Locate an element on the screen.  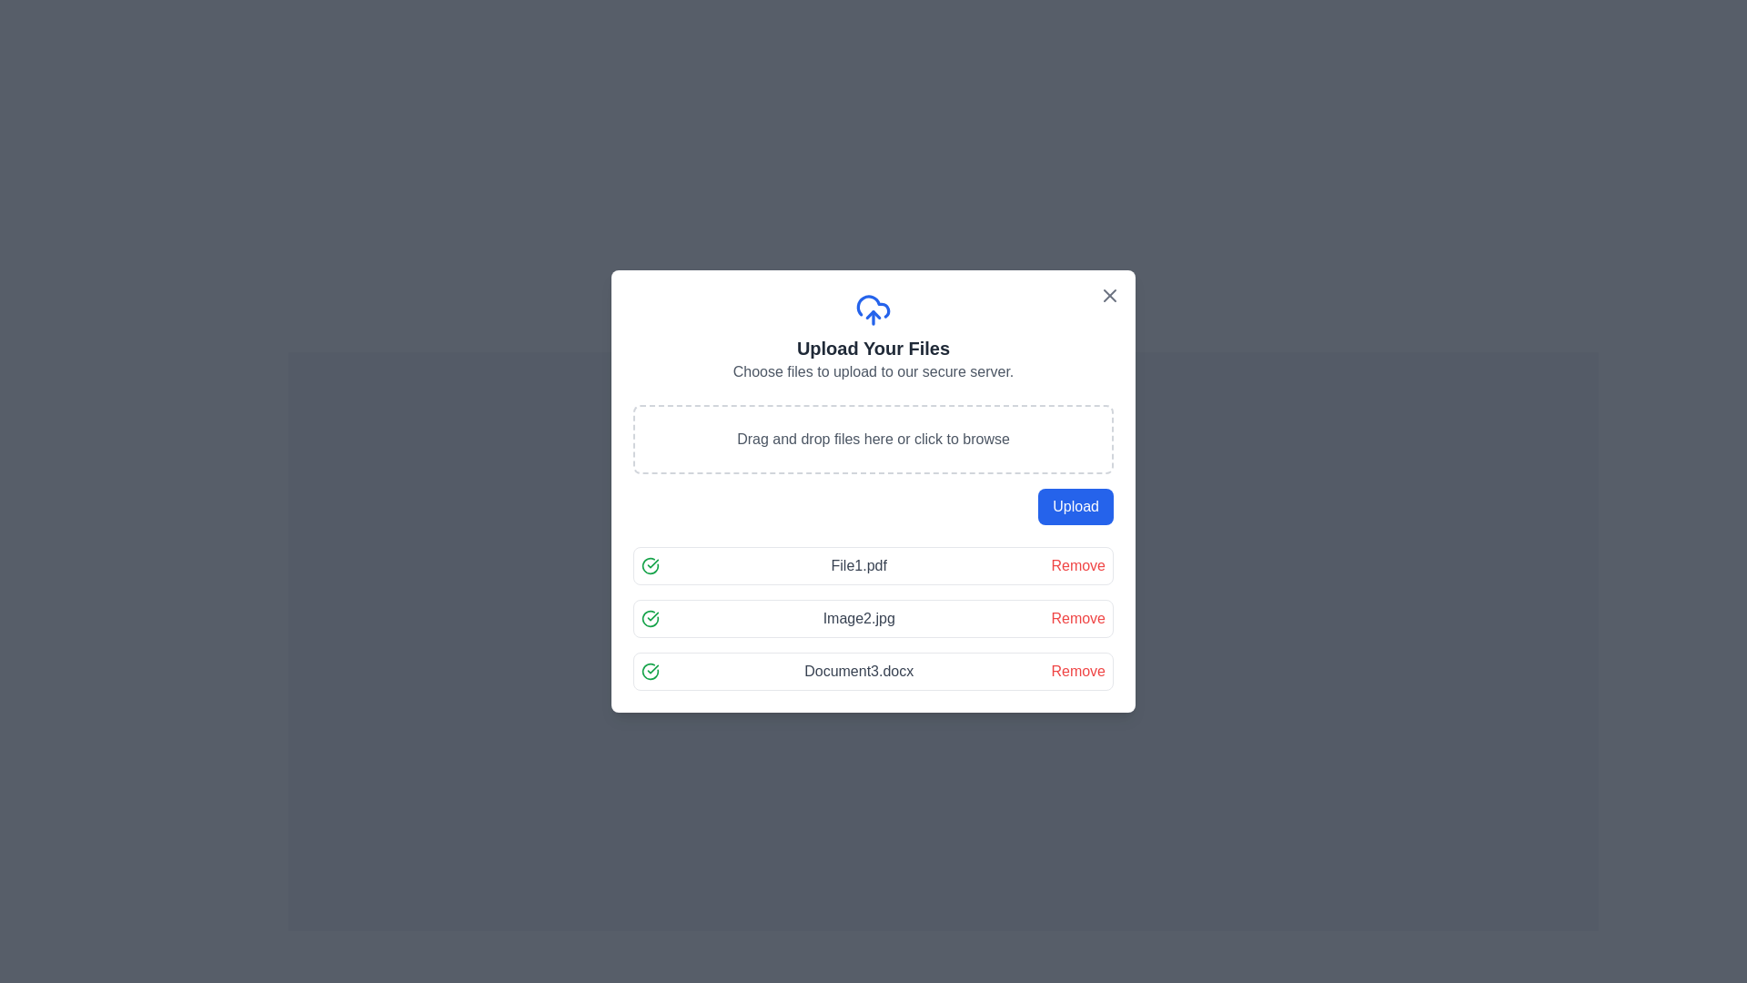
the text label displaying 'File1.pdf' to highlight it, which is located in the center area of the first file entry in the vertical list structure, positioned below the file upload heading is located at coordinates (858, 564).